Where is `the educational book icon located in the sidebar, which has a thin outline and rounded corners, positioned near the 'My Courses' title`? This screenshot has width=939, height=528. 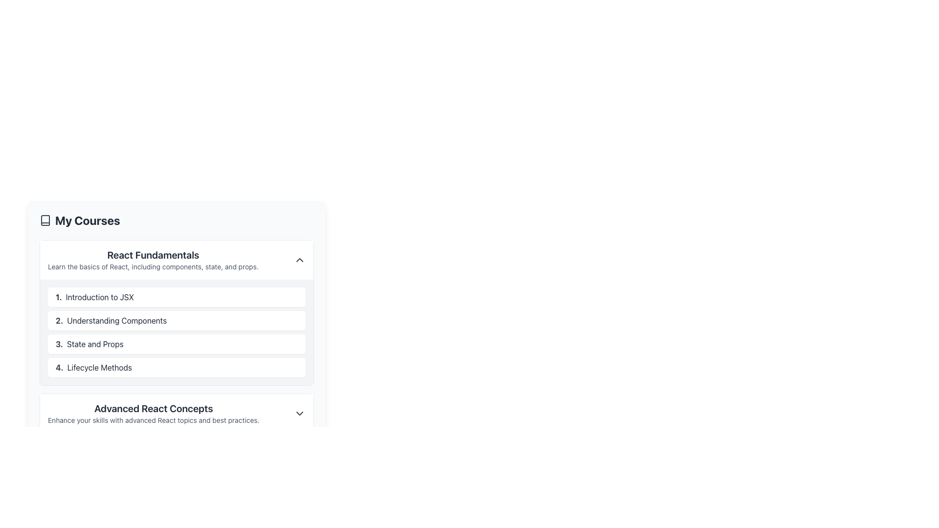
the educational book icon located in the sidebar, which has a thin outline and rounded corners, positioned near the 'My Courses' title is located at coordinates (45, 220).